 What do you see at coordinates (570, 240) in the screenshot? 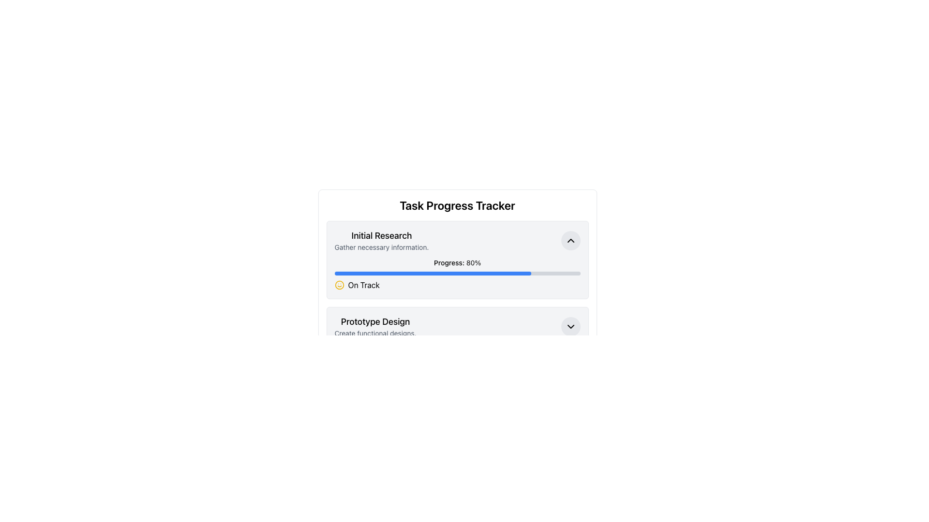
I see `the Toggle Button (Icon Button) located in the top-right corner of the 'Task Progress Tracker' section, specifically inside the 'Initial Research' card` at bounding box center [570, 240].